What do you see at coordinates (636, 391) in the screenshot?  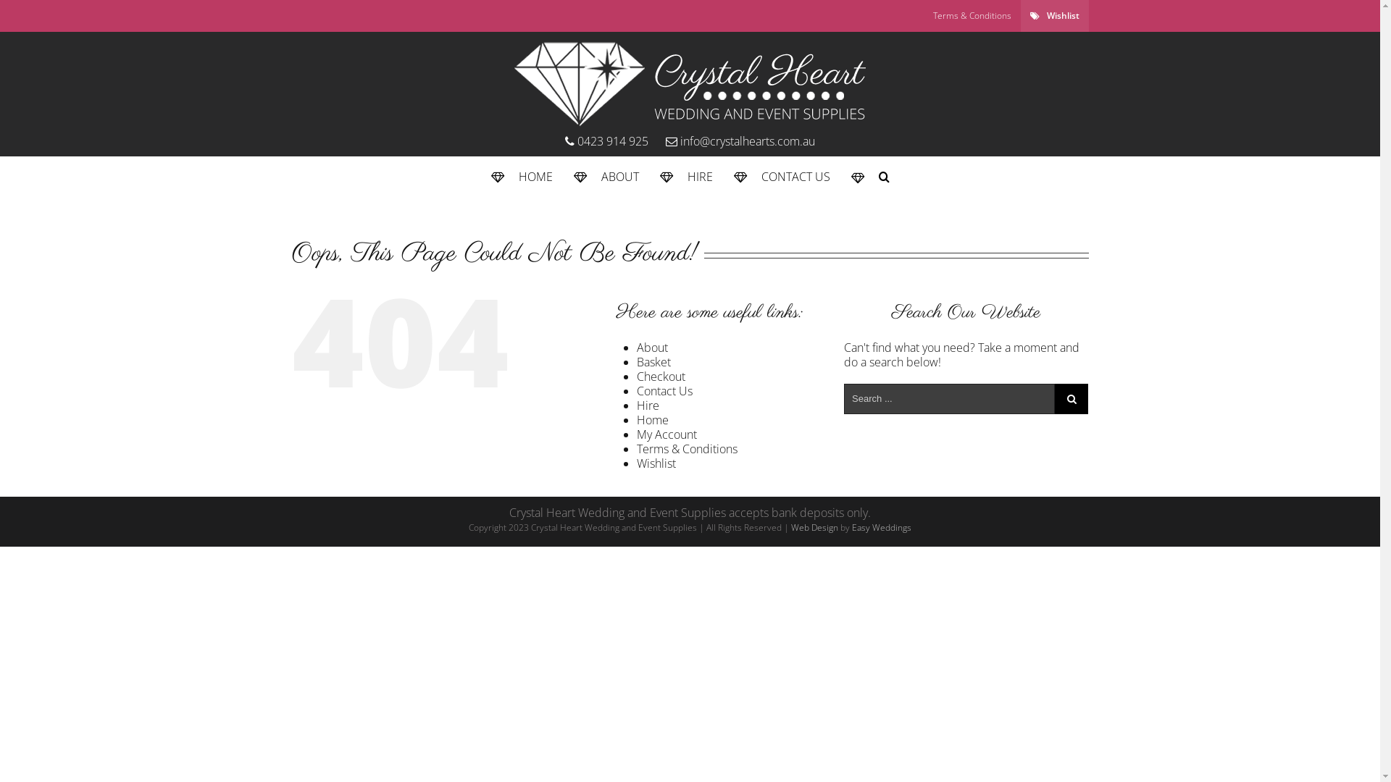 I see `'Contact Us'` at bounding box center [636, 391].